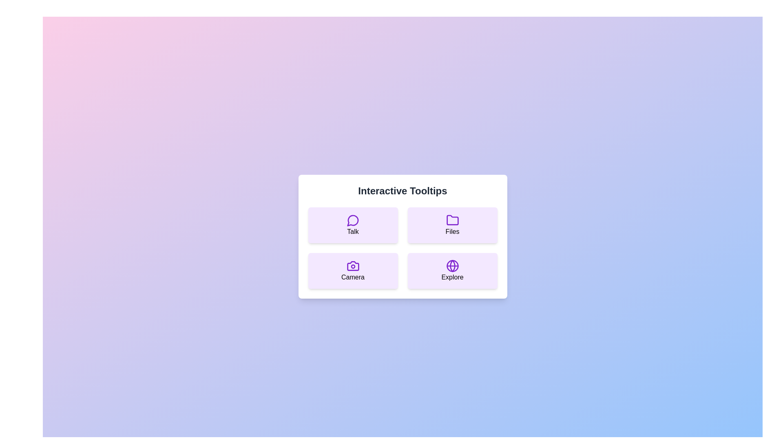  Describe the element at coordinates (452, 225) in the screenshot. I see `the rectangular card button with a light purple background, a purple folder icon at the top center, and the text 'Files' beneath it` at that location.